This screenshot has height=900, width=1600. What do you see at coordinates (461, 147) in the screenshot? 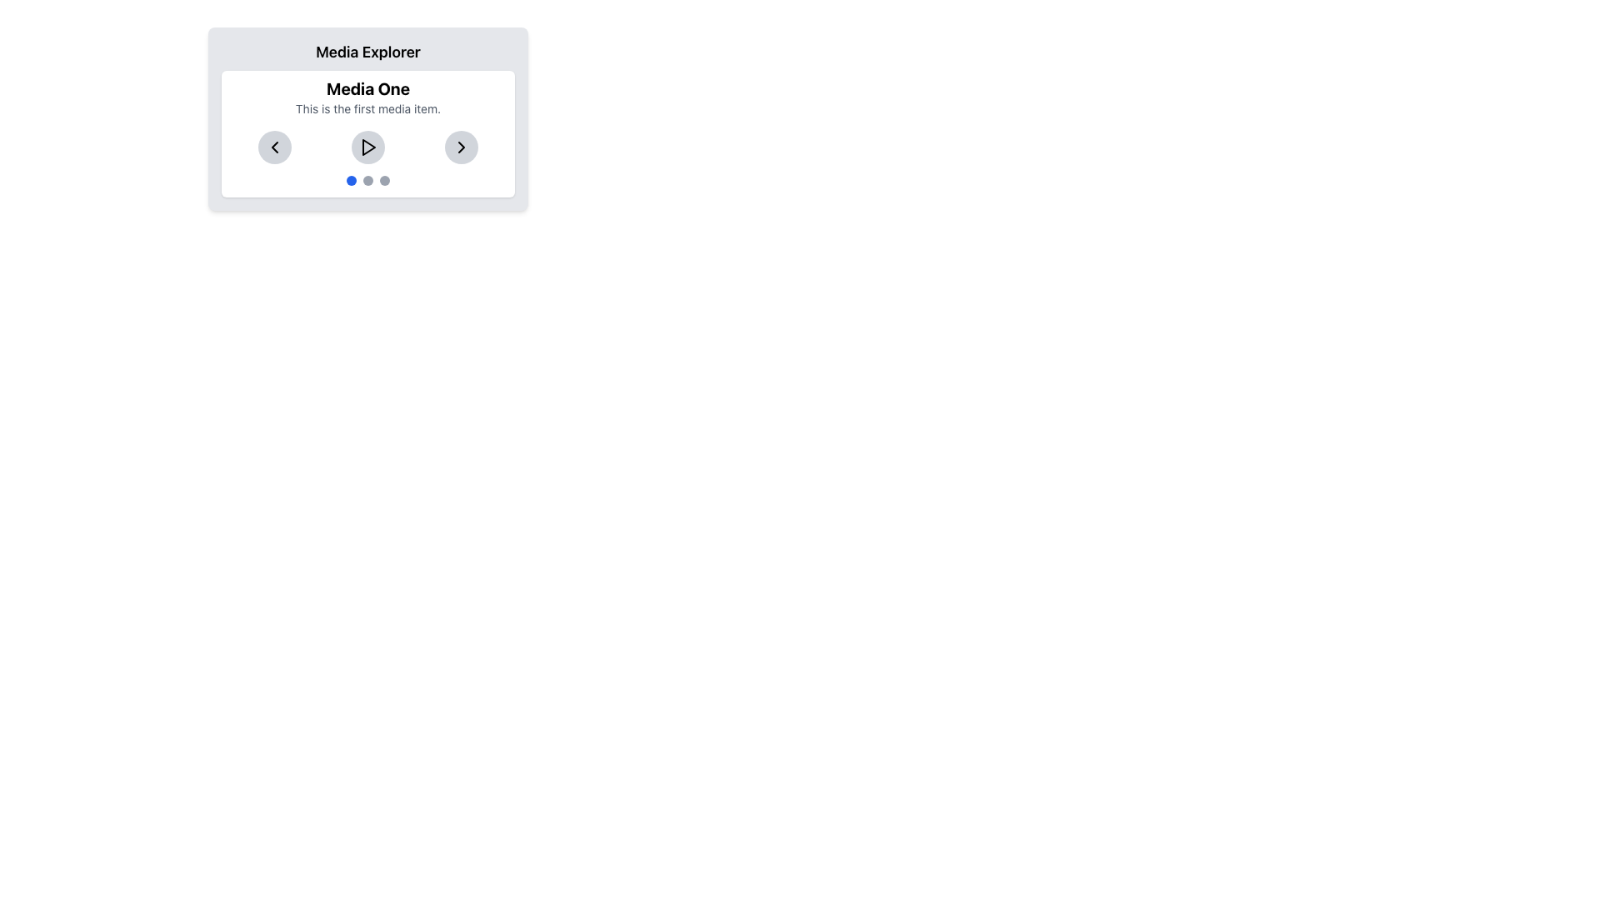
I see `the right-facing chevron icon button, which is located within a circular gray background near the bottom center of the media player card` at bounding box center [461, 147].